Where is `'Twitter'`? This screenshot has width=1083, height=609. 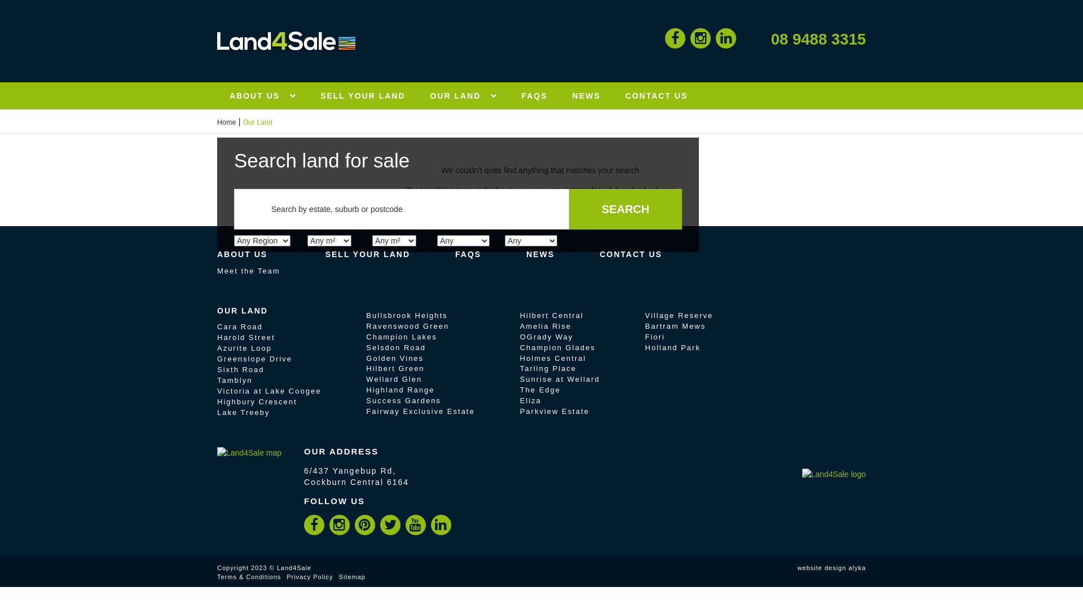 'Twitter' is located at coordinates (390, 524).